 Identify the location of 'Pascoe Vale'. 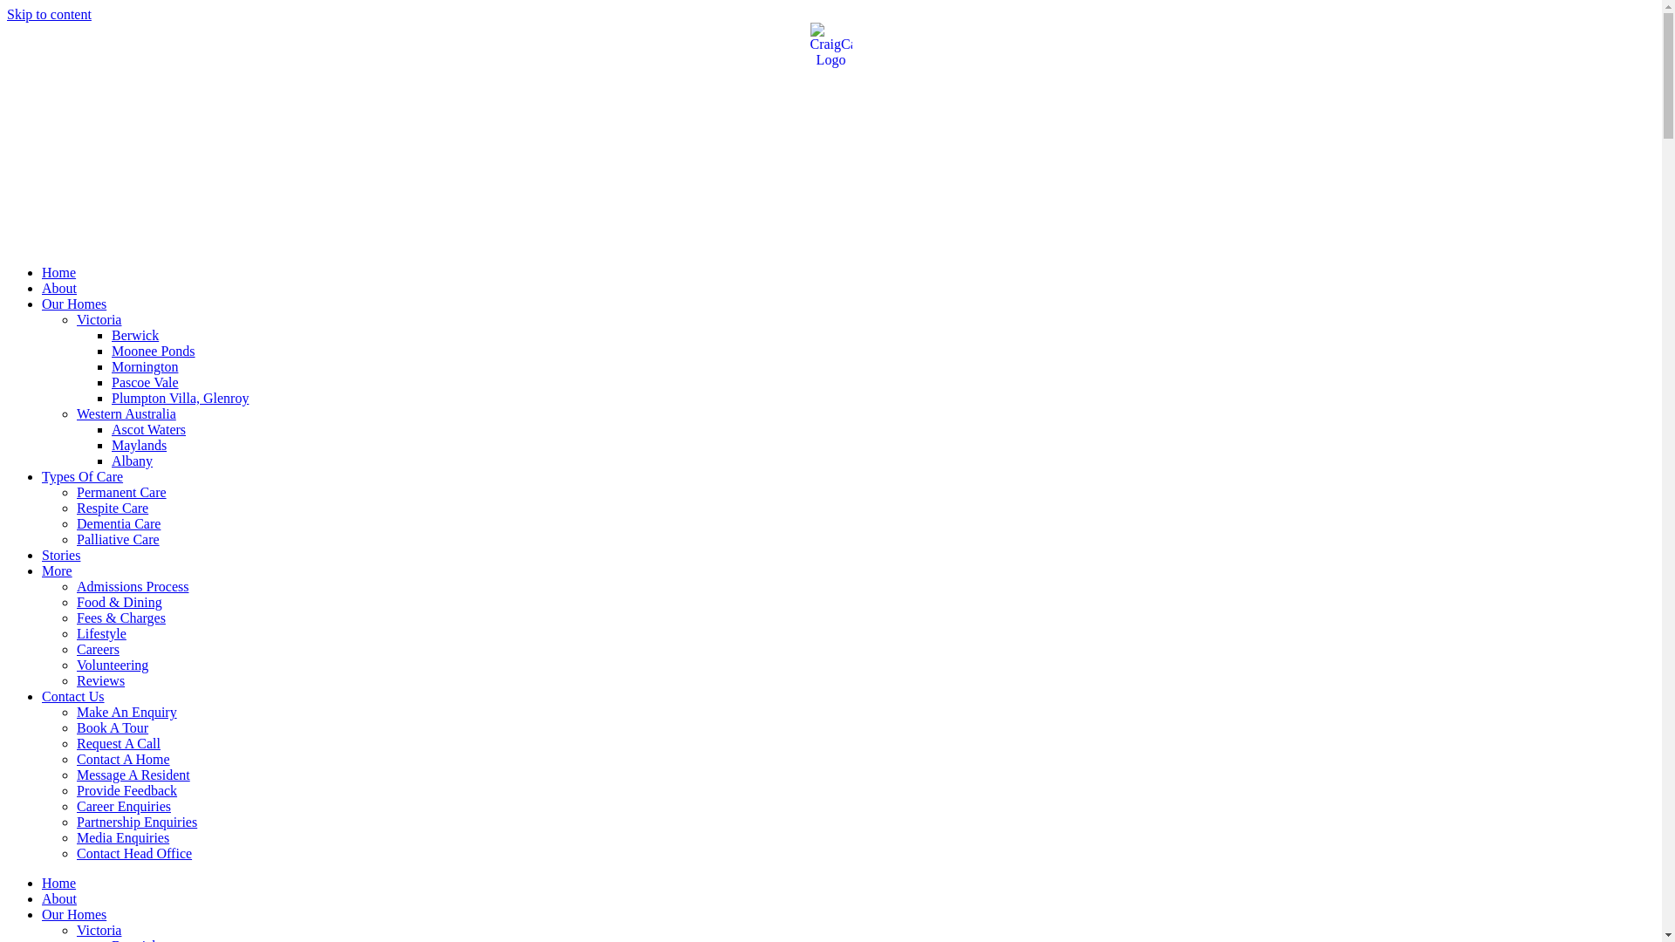
(111, 381).